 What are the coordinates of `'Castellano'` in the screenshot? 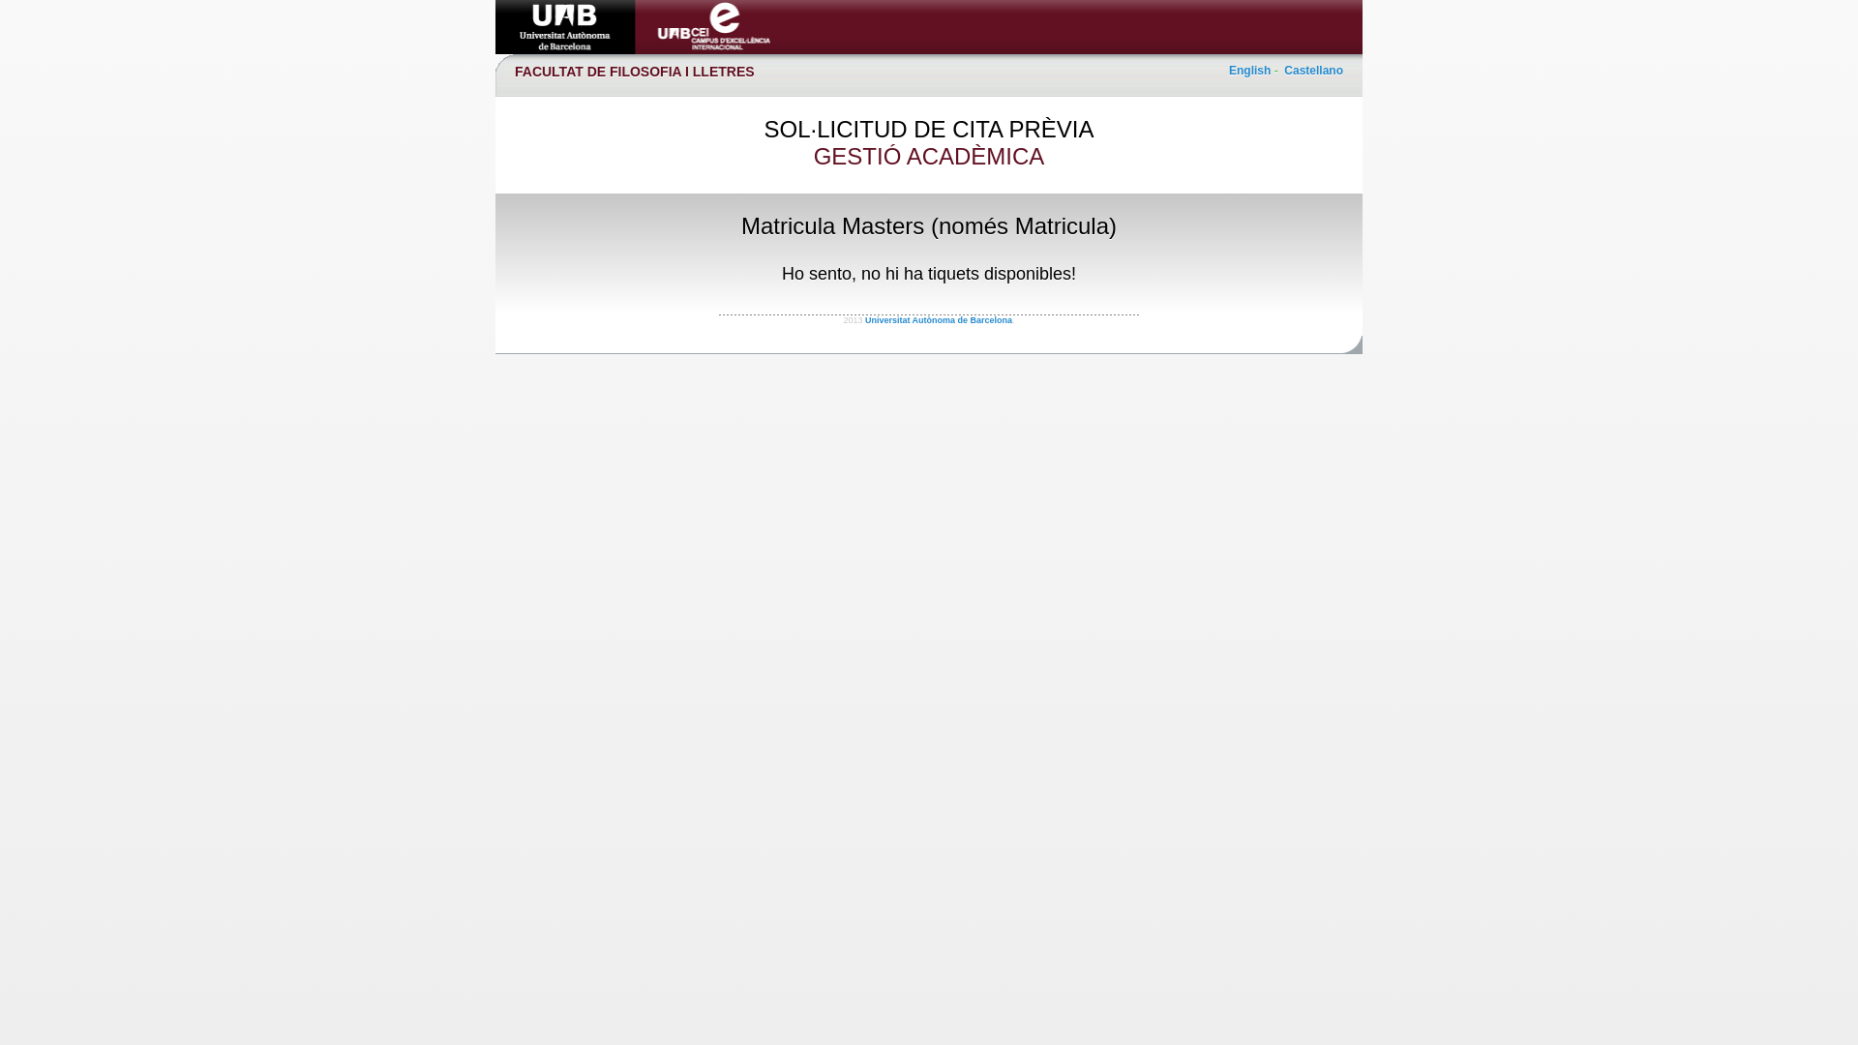 It's located at (1283, 70).